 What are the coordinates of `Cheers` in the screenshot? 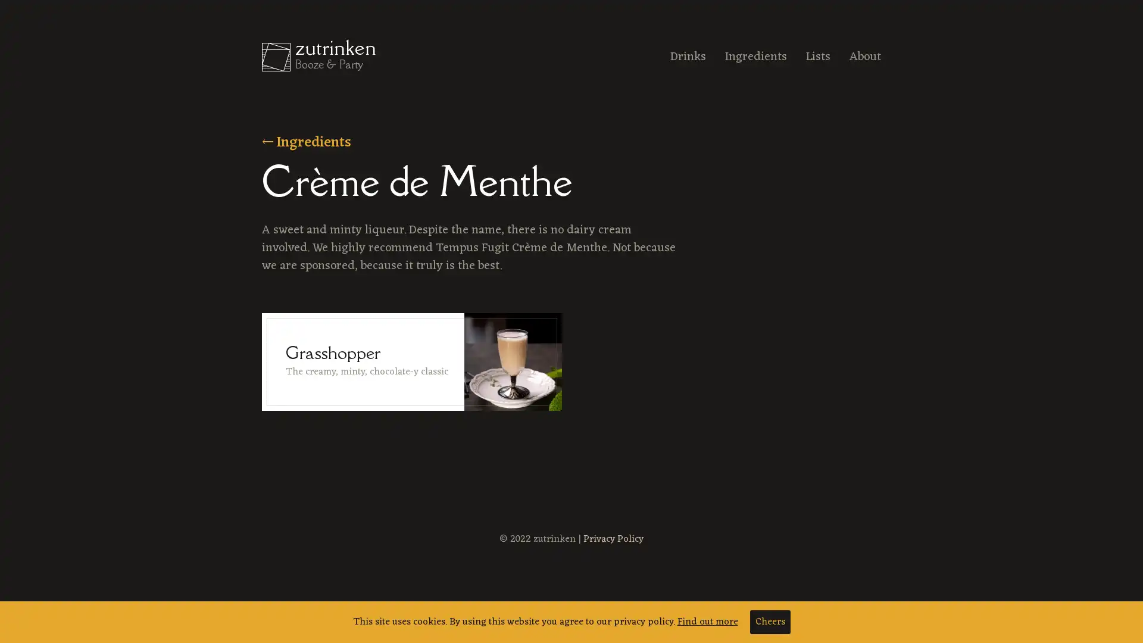 It's located at (769, 622).